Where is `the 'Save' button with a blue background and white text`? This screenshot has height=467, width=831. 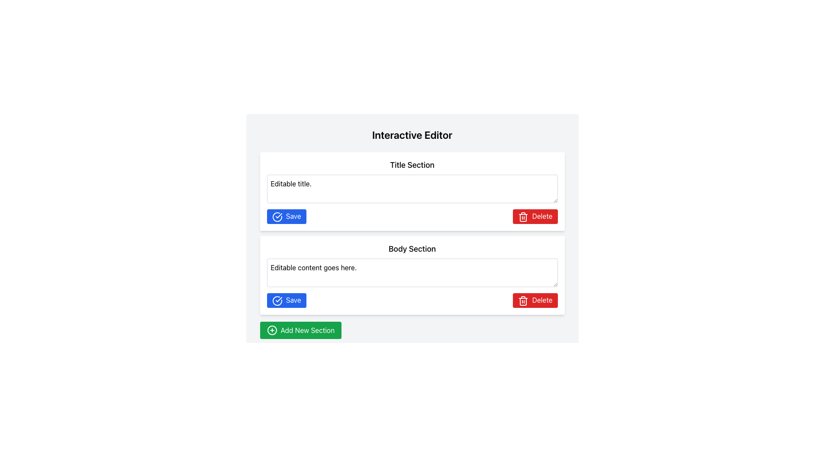
the 'Save' button with a blue background and white text is located at coordinates (287, 216).